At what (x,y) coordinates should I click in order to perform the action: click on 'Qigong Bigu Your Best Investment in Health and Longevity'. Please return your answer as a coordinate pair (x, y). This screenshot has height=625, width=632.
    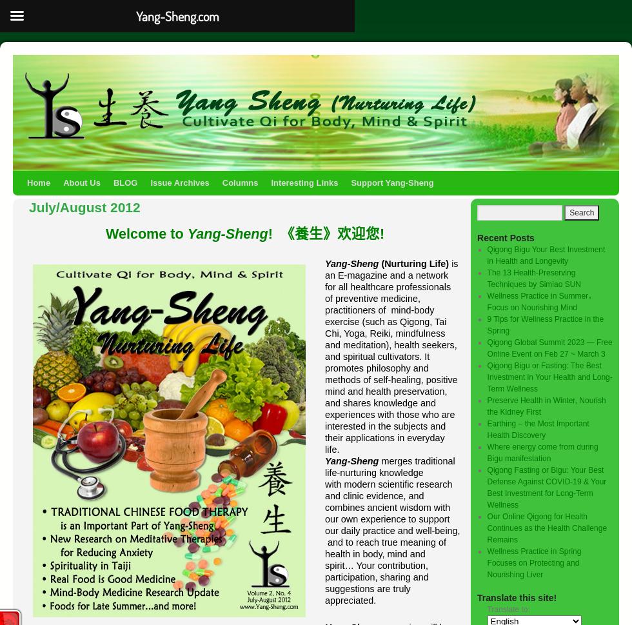
    Looking at the image, I should click on (486, 255).